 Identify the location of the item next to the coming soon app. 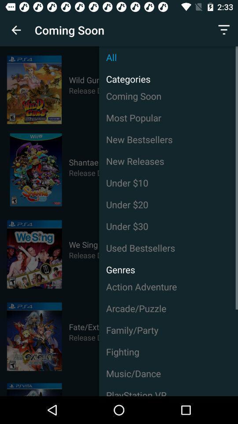
(16, 30).